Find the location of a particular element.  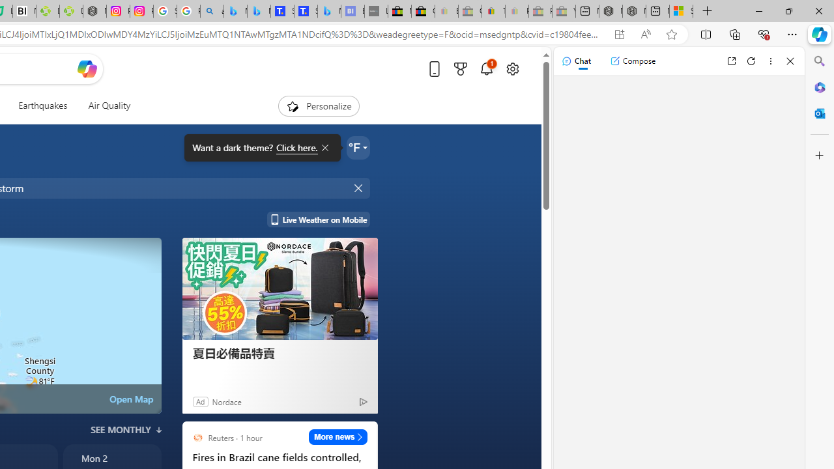

'Weather settings' is located at coordinates (358, 147).